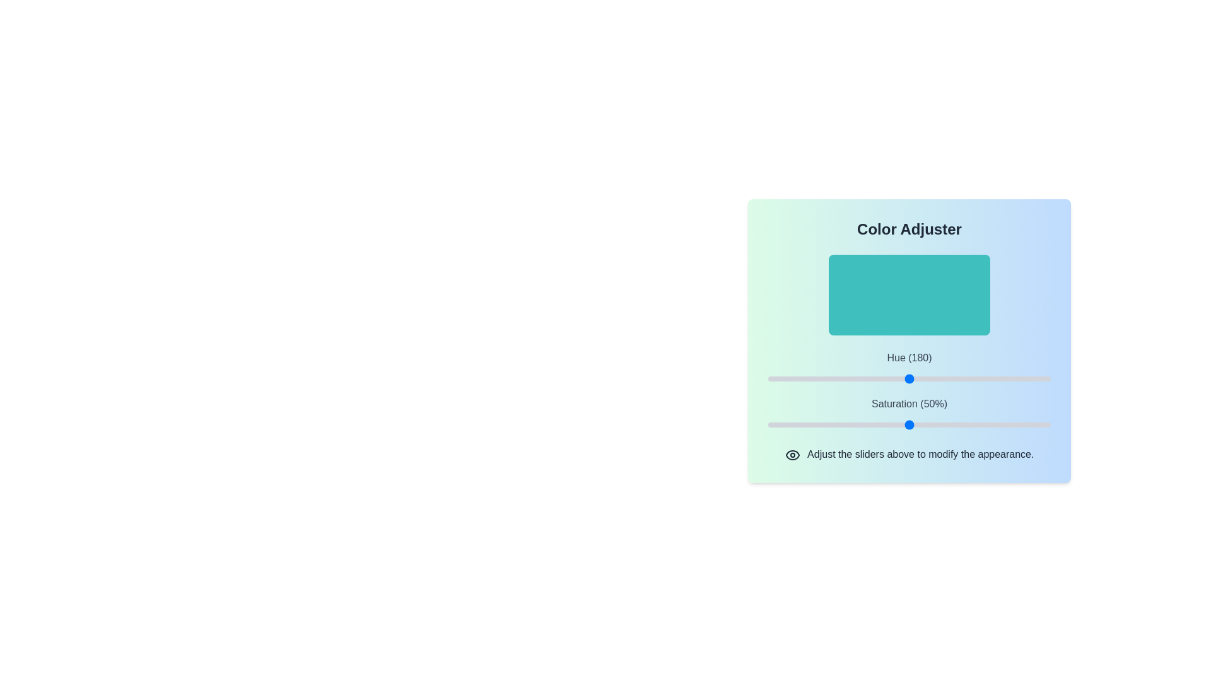 This screenshot has height=681, width=1211. Describe the element at coordinates (909, 455) in the screenshot. I see `the text 'Adjust the sliders above to modify the appearance.'` at that location.